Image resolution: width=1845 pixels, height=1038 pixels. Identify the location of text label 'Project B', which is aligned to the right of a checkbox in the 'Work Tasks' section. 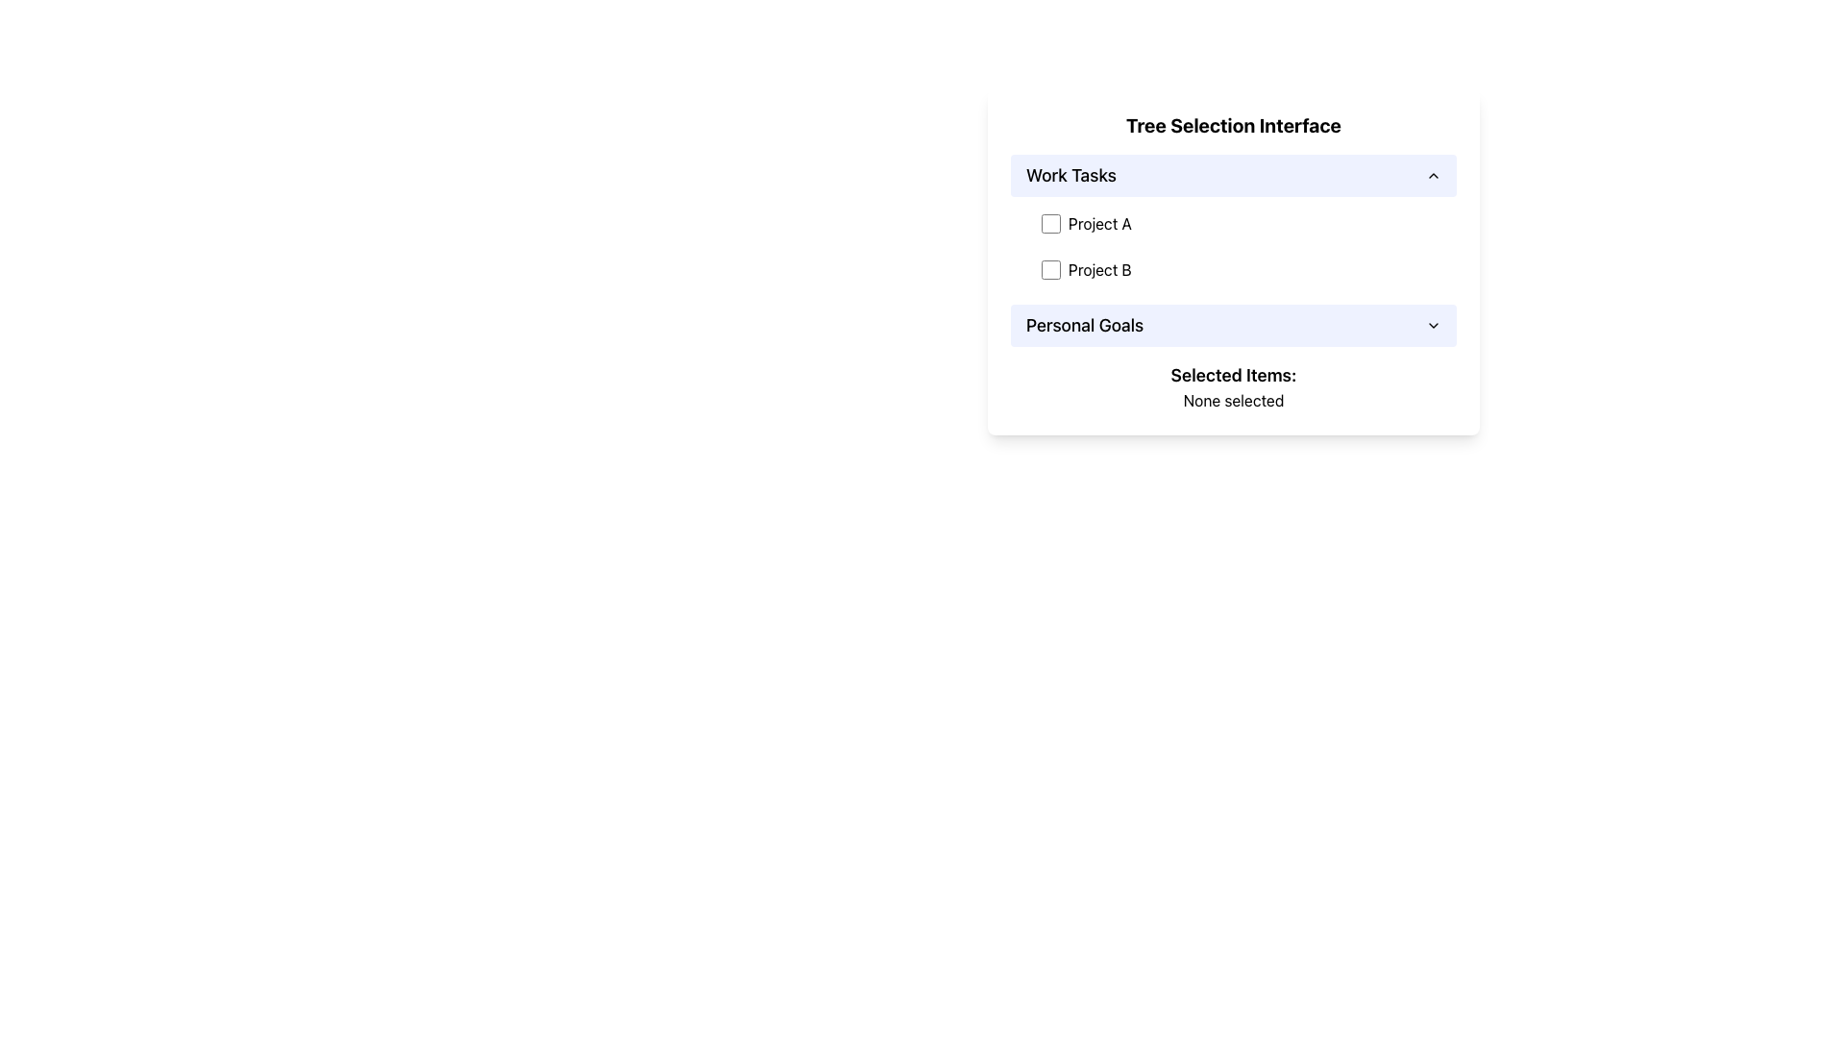
(1099, 270).